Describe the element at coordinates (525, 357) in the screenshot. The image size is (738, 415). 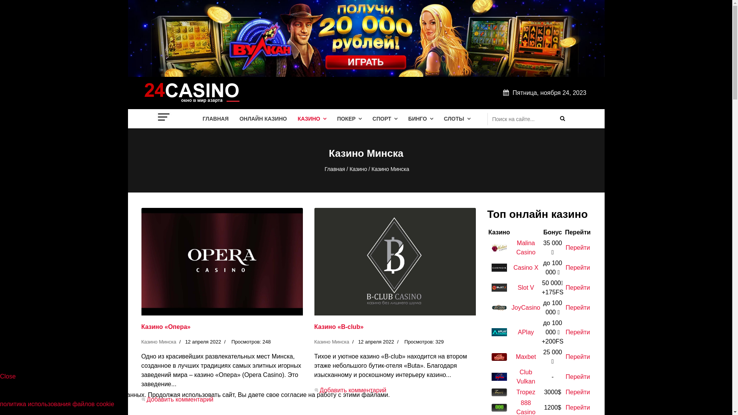
I see `'Maxbet'` at that location.